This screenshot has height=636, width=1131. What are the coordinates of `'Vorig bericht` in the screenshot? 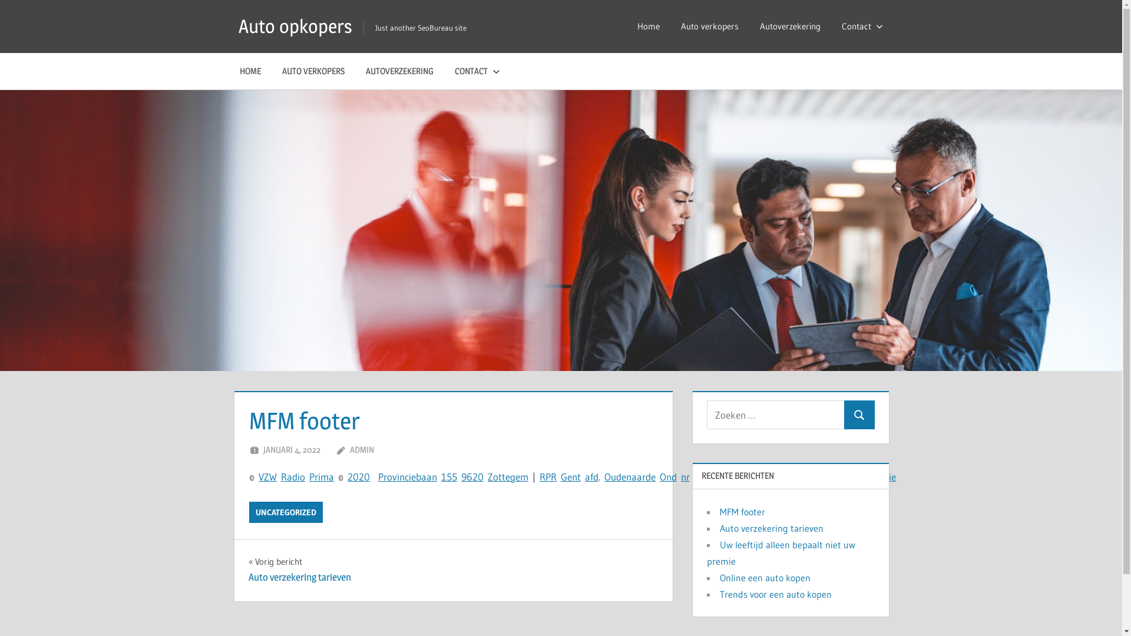 It's located at (299, 569).